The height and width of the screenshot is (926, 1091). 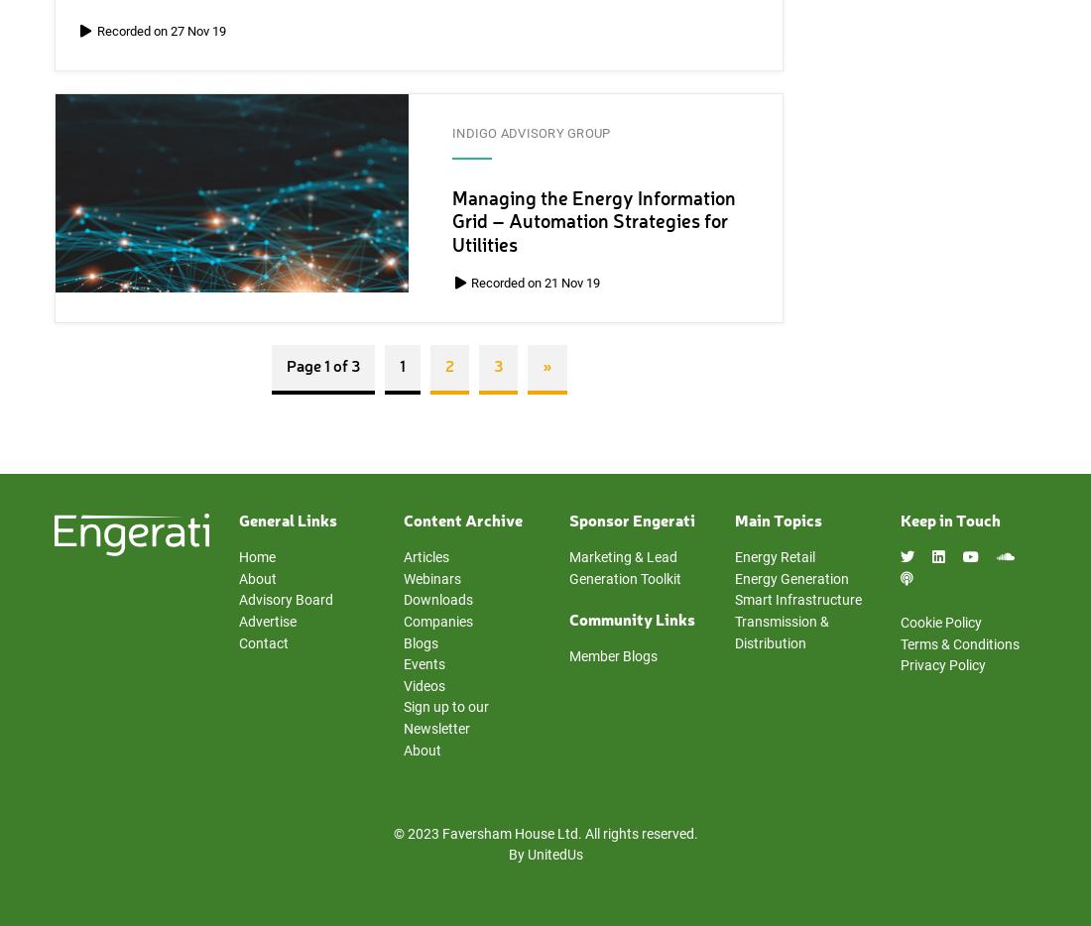 I want to click on '1', so click(x=402, y=367).